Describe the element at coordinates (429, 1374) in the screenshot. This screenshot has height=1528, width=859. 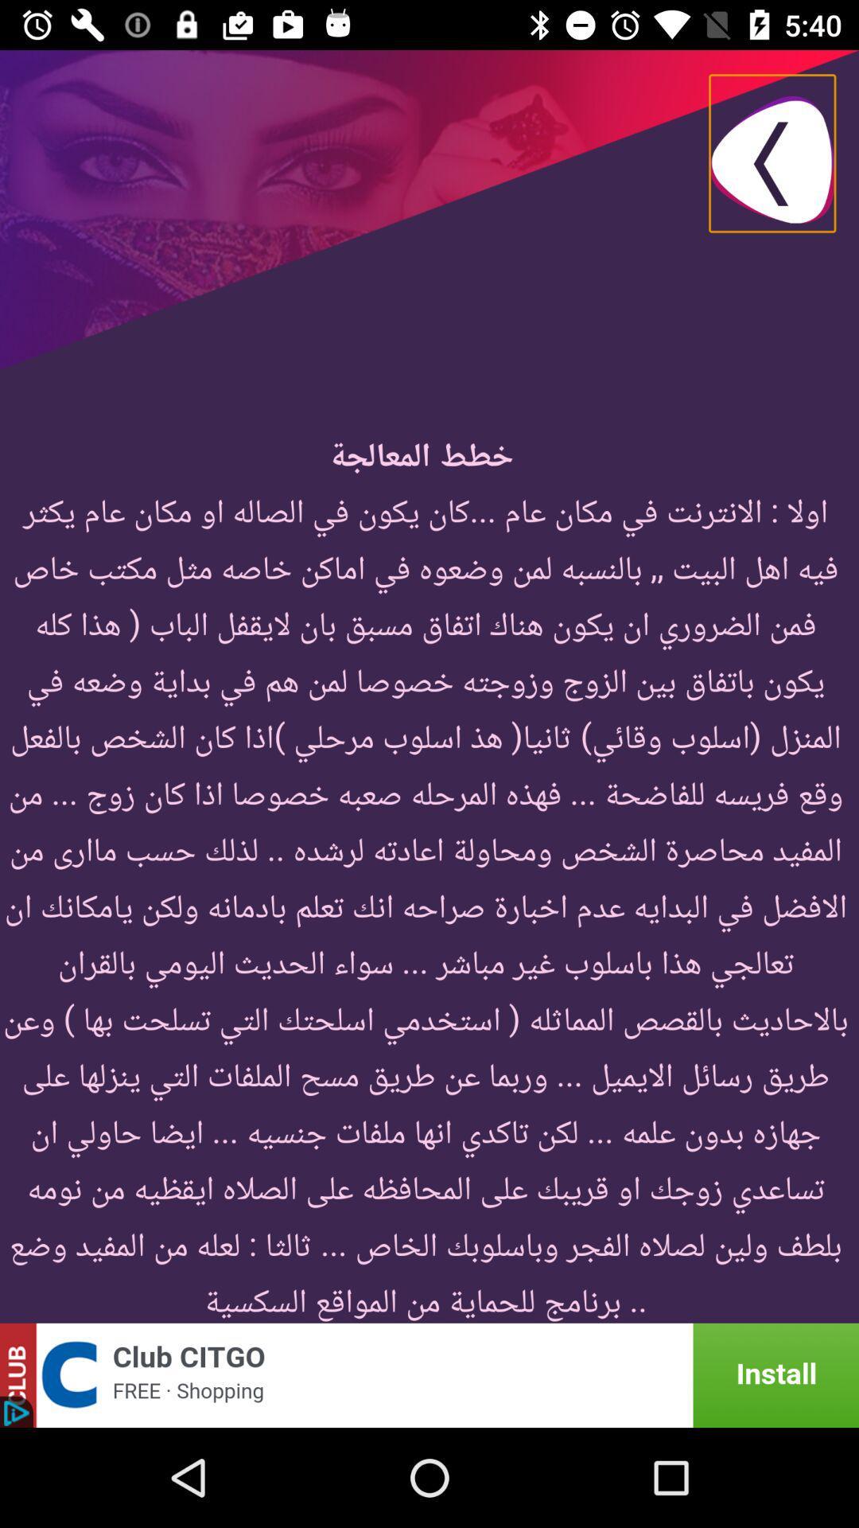
I see `advatisdment` at that location.